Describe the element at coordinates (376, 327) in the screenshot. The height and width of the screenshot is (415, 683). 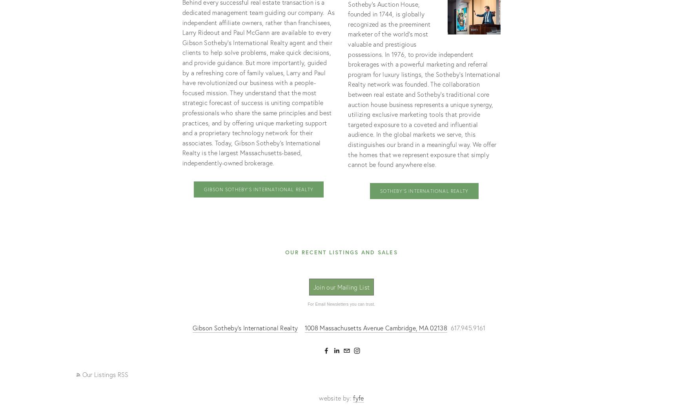
I see `'1008 Massachusetts Avenue Cambridge, MA 02138'` at that location.